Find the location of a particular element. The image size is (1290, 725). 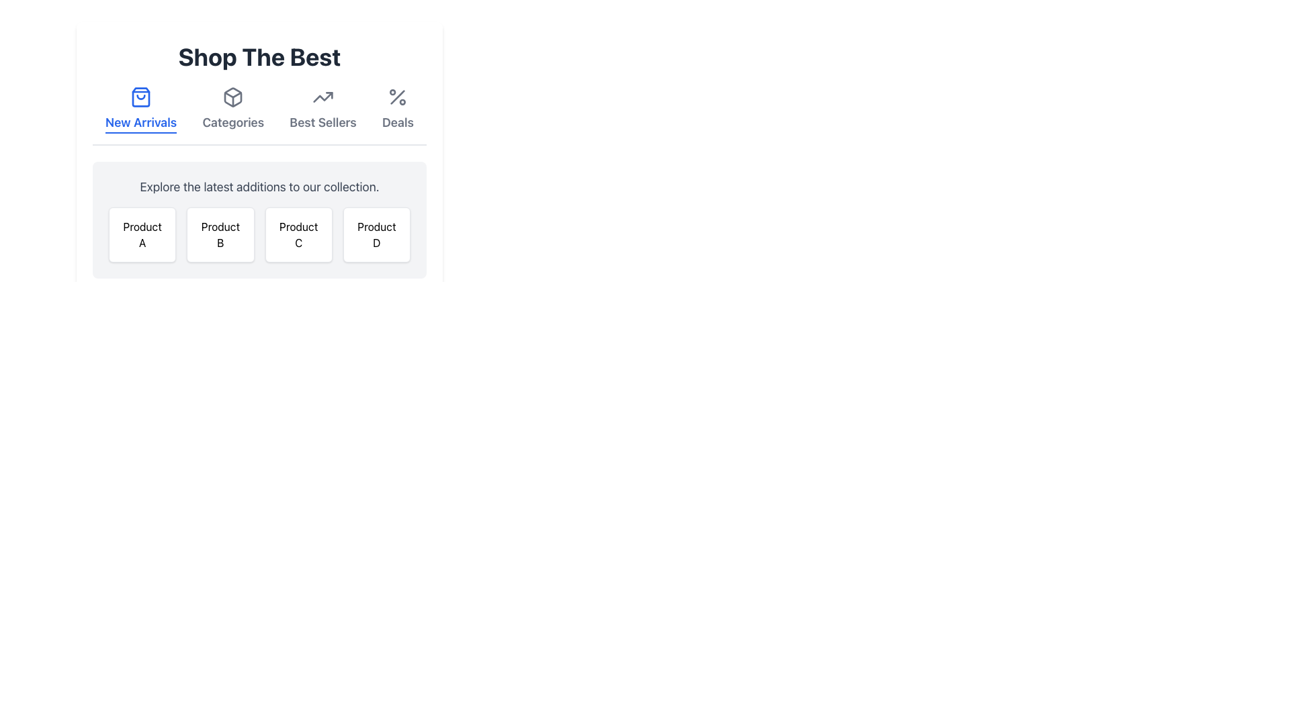

the clickable menu item labeled 'New Arrivals' with a shopping bag icon, positioned below the heading 'Shop The Best' is located at coordinates (141, 109).